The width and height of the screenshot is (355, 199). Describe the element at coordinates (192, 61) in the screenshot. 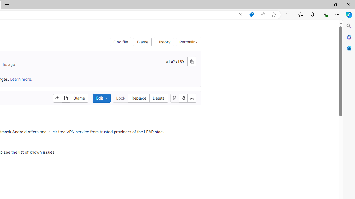

I see `'Class: s16 gl-icon gl-button-icon '` at that location.